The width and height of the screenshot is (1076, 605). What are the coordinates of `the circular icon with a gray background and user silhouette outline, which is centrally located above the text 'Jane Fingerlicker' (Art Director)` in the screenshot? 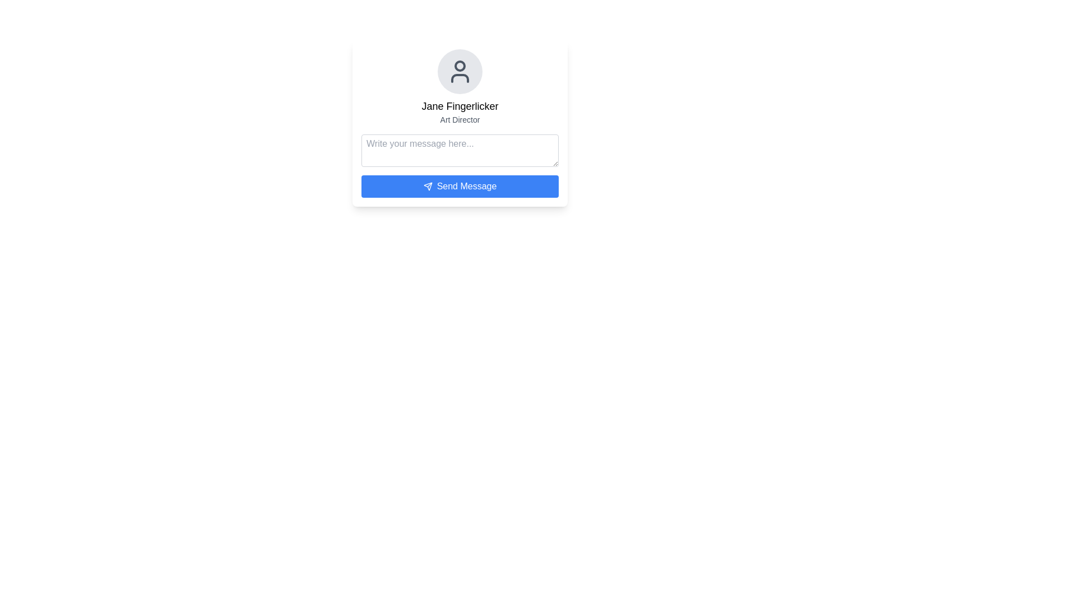 It's located at (460, 71).